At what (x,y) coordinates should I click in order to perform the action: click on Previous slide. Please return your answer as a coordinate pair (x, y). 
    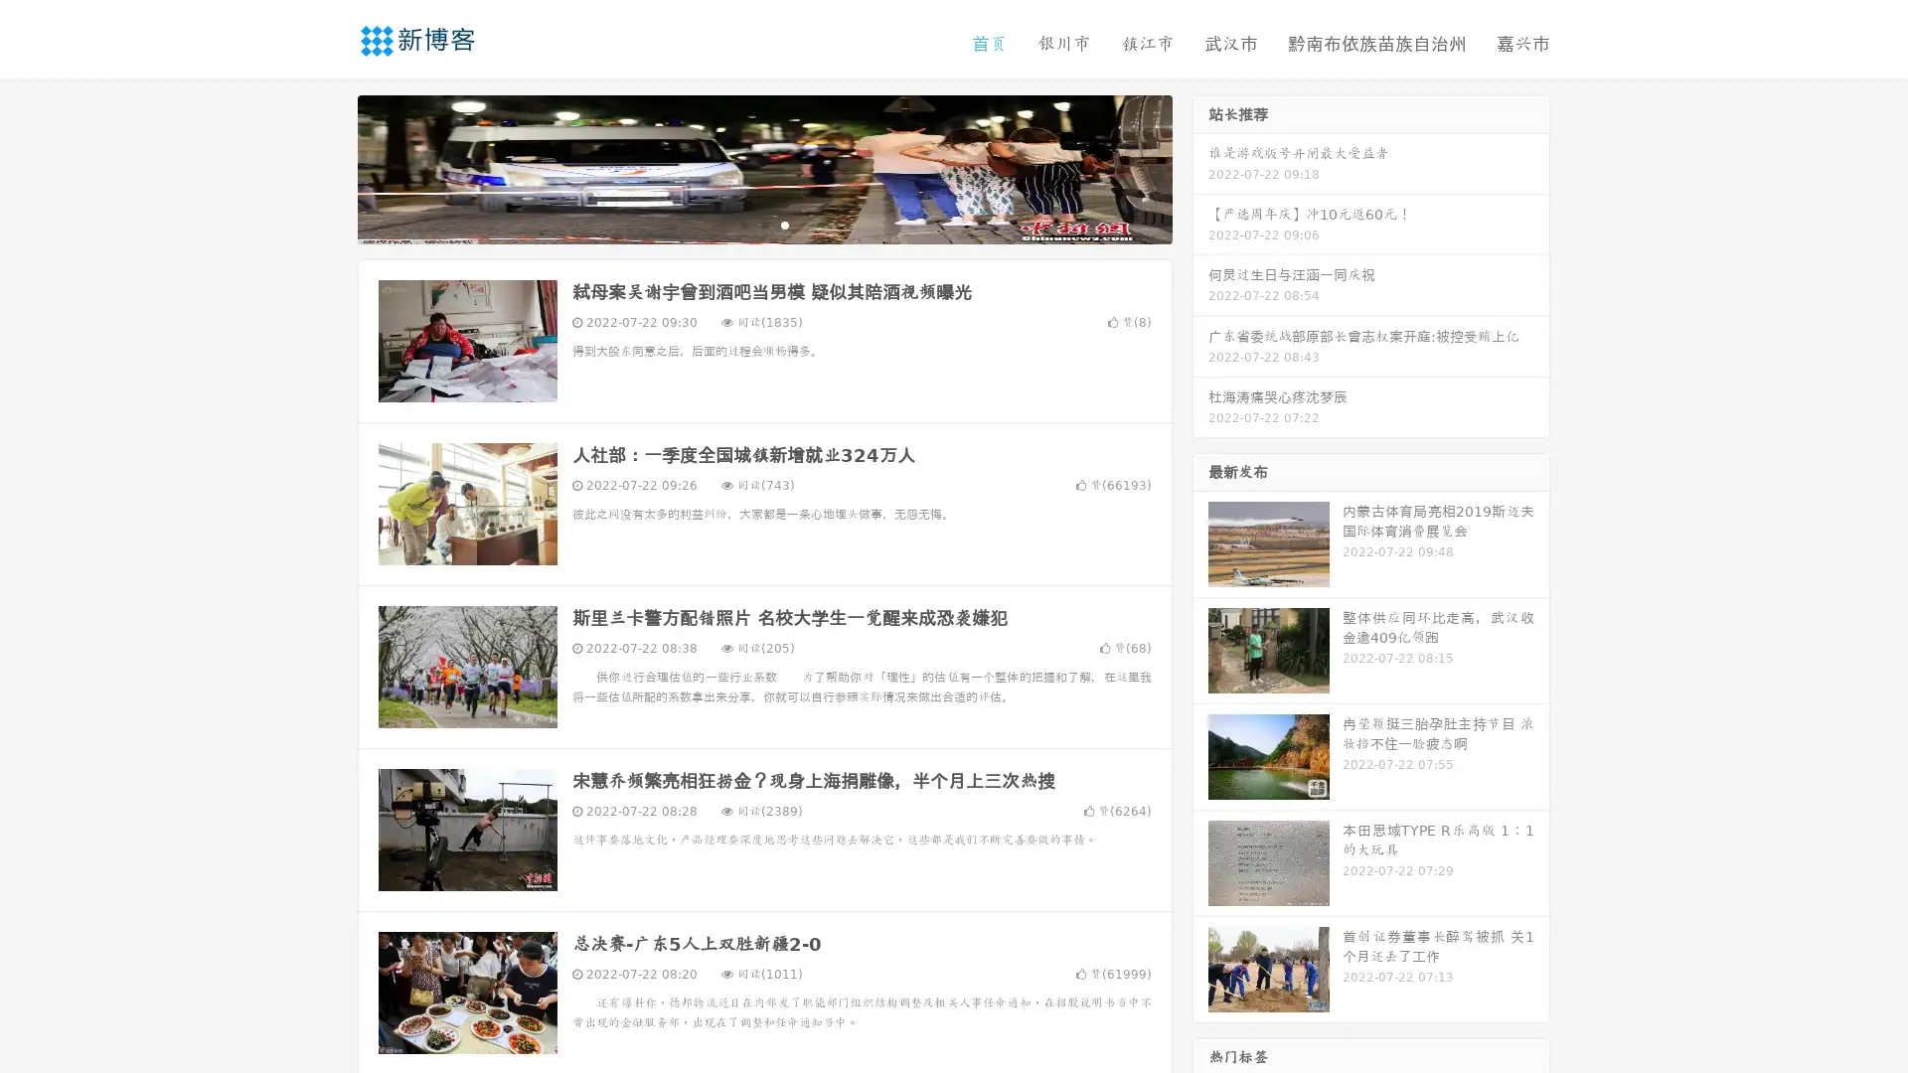
    Looking at the image, I should click on (328, 167).